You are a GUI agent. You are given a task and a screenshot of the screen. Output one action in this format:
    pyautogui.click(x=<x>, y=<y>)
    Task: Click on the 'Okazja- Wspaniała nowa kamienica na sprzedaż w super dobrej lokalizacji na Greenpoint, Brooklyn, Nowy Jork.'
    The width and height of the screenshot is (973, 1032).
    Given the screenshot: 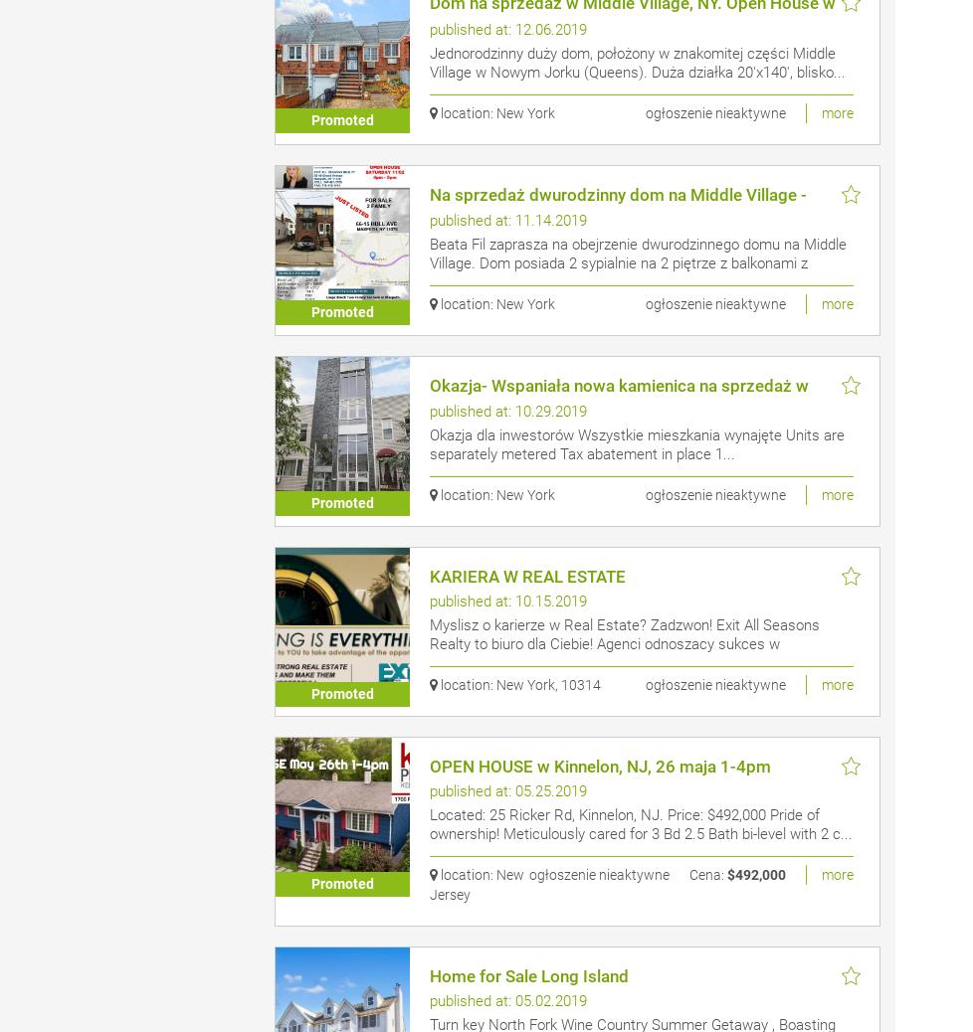 What is the action you would take?
    pyautogui.click(x=633, y=403)
    